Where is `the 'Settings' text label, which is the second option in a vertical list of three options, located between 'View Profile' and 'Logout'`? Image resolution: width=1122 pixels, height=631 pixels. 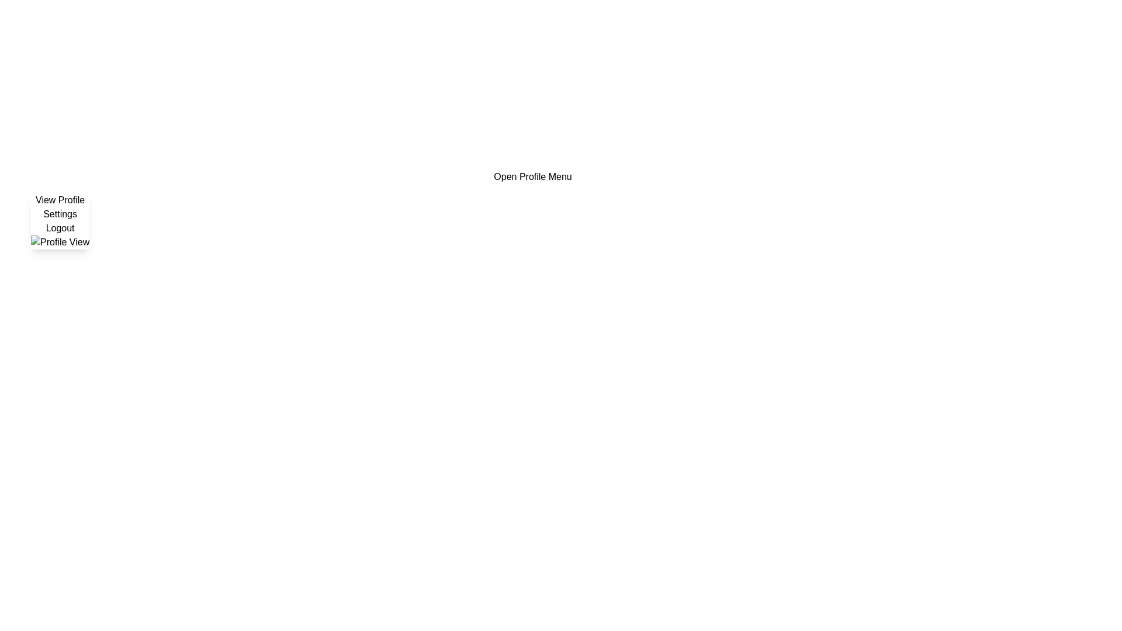 the 'Settings' text label, which is the second option in a vertical list of three options, located between 'View Profile' and 'Logout' is located at coordinates (60, 214).